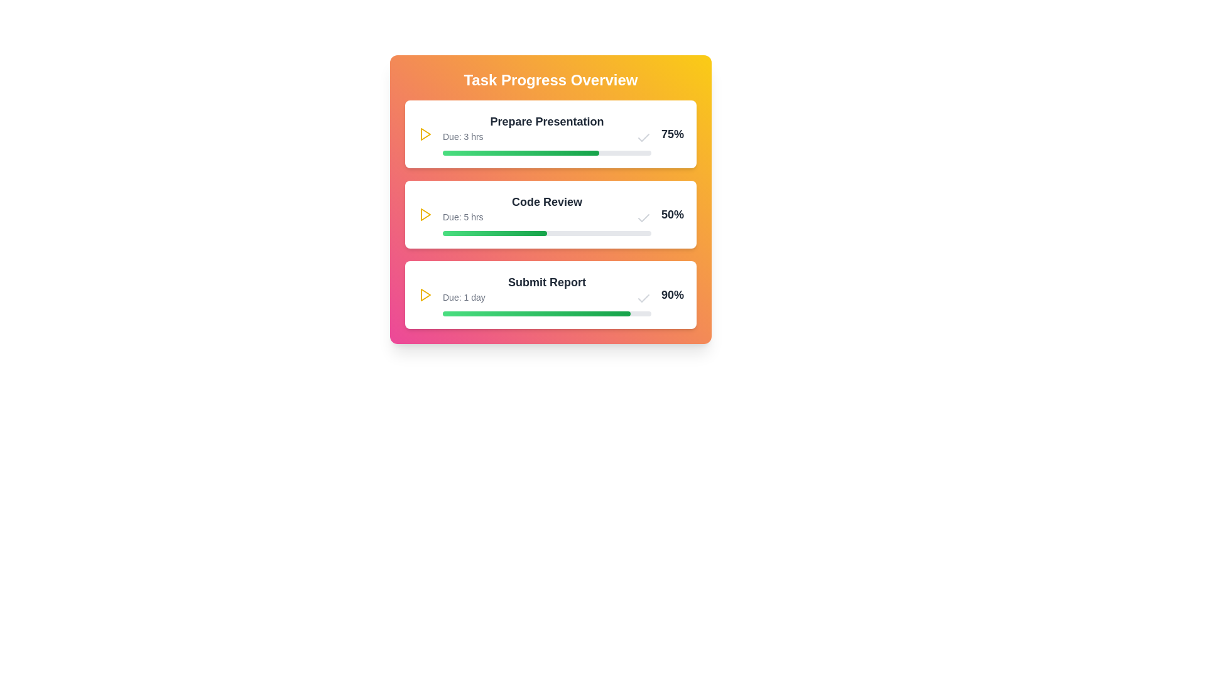 The height and width of the screenshot is (678, 1206). I want to click on the icon located to the left of the 'Prepare Presentation' text, so click(425, 134).